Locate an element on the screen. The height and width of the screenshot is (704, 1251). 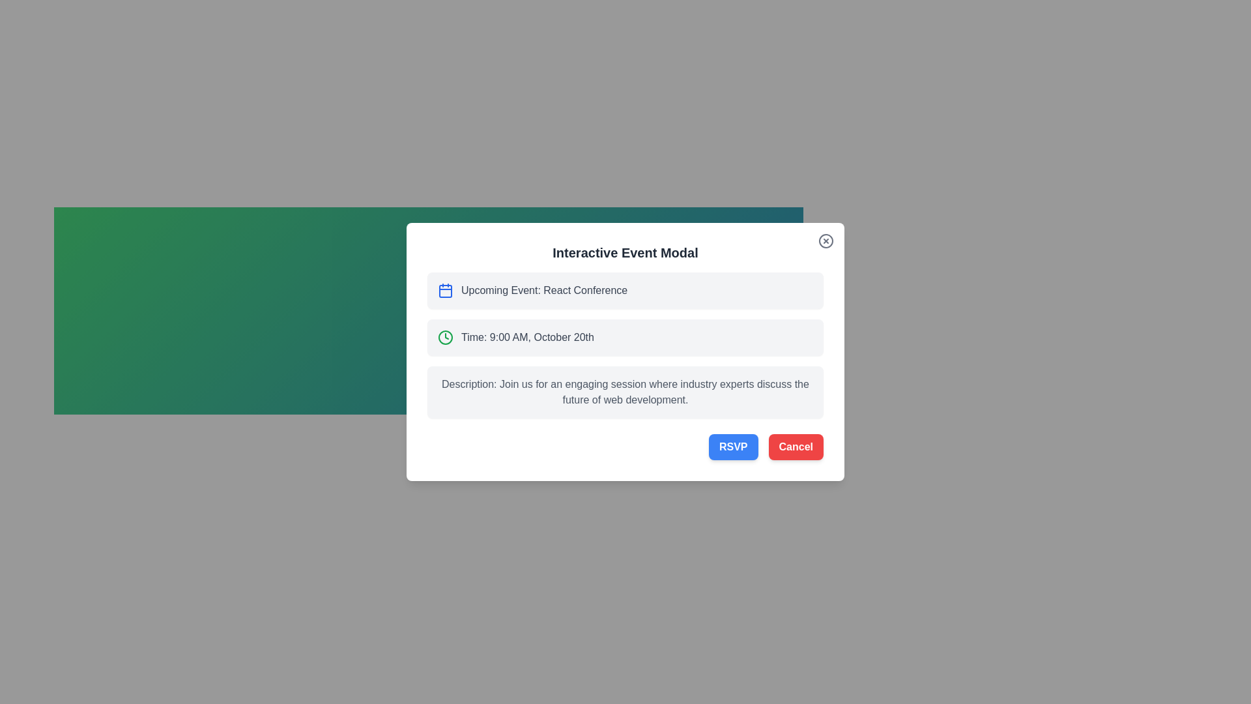
the text block that displays a brief description of the event, located at the bottom of the event modal, below the 'Time' section and above the RSVP buttons is located at coordinates (625, 391).